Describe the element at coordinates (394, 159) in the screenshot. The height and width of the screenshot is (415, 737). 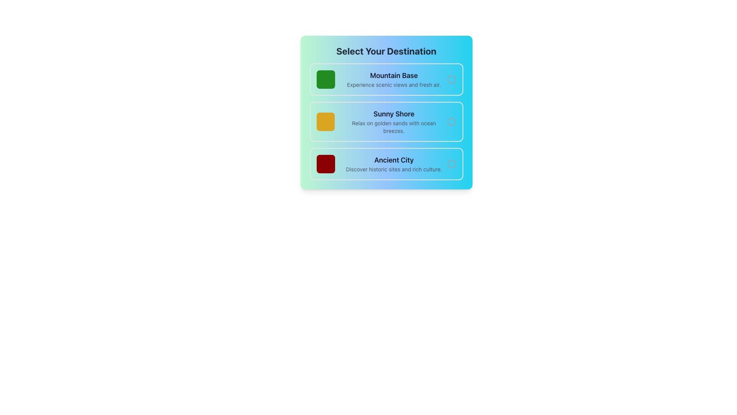
I see `the title text label for the third option in the selection interface, which is positioned above the descriptive text 'Discover historic sites and rich culture.'` at that location.